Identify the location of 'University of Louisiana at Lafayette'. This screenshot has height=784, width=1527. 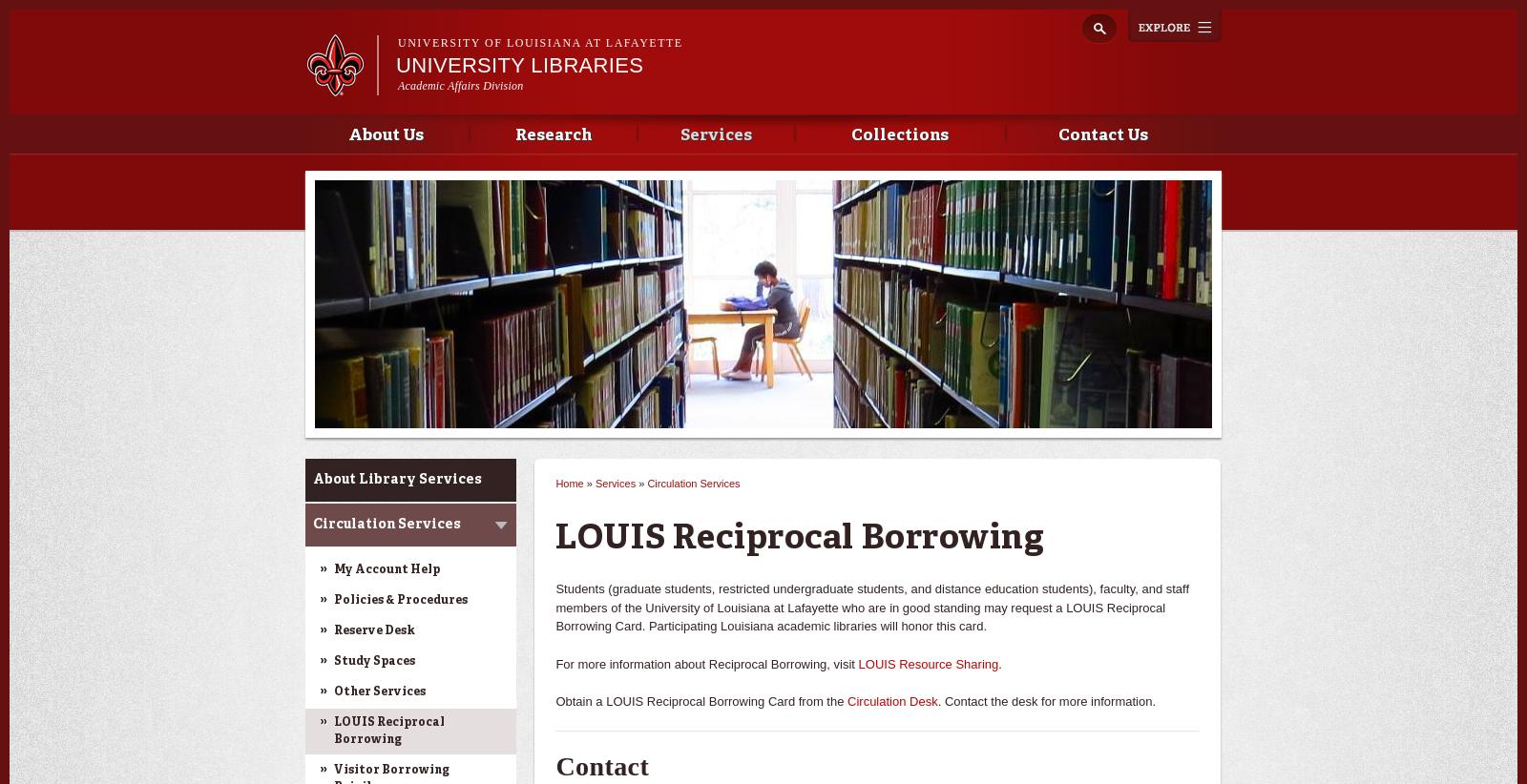
(396, 42).